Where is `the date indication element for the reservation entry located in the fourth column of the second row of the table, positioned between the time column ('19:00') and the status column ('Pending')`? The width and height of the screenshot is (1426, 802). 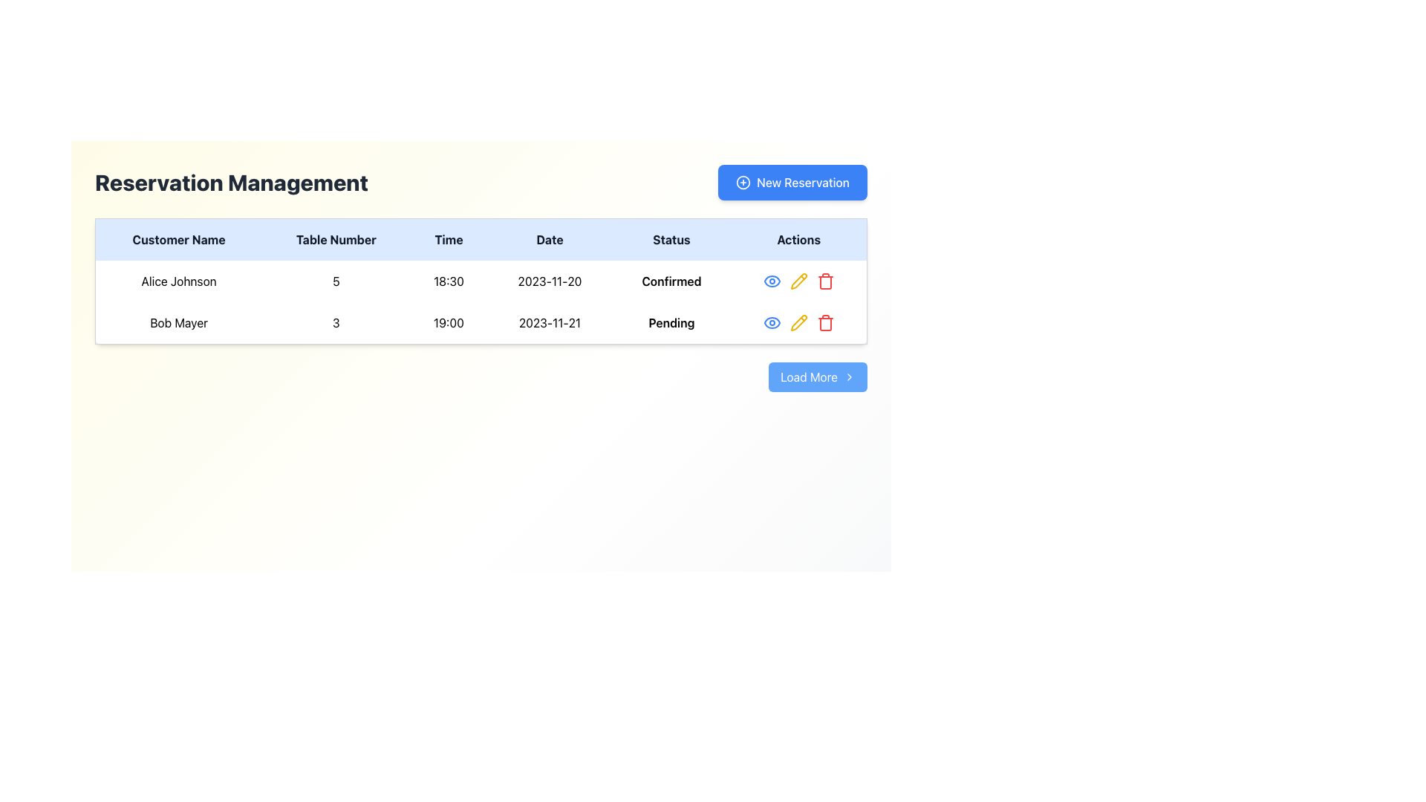
the date indication element for the reservation entry located in the fourth column of the second row of the table, positioned between the time column ('19:00') and the status column ('Pending') is located at coordinates (549, 322).